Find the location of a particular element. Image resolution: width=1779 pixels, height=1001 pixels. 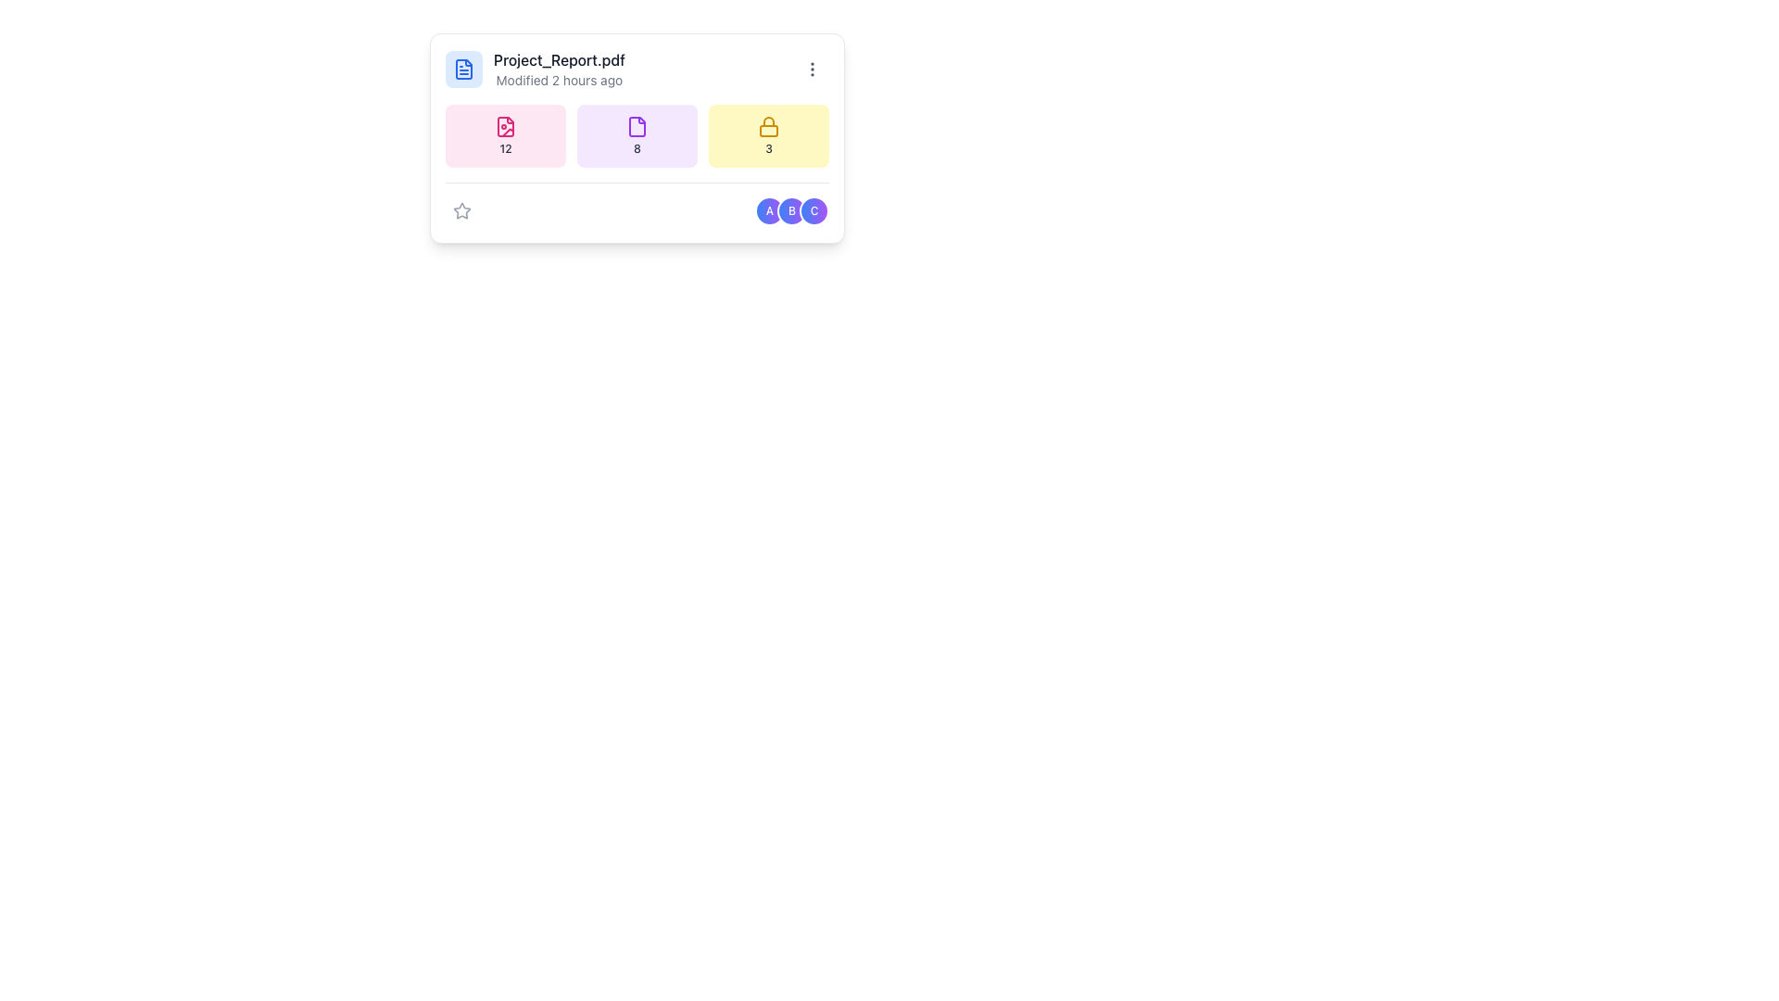

the ellipsis (three-dot) icon located to the far right of the file information for 'Project_Report.pdf' to enable keyboard navigation is located at coordinates (813, 68).